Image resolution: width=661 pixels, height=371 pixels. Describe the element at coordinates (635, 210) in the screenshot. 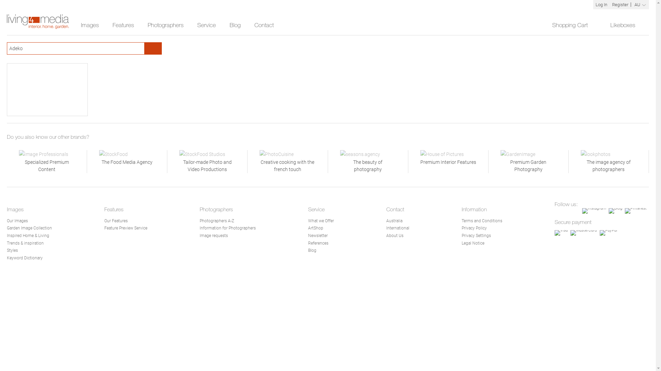

I see `'Pinterest'` at that location.